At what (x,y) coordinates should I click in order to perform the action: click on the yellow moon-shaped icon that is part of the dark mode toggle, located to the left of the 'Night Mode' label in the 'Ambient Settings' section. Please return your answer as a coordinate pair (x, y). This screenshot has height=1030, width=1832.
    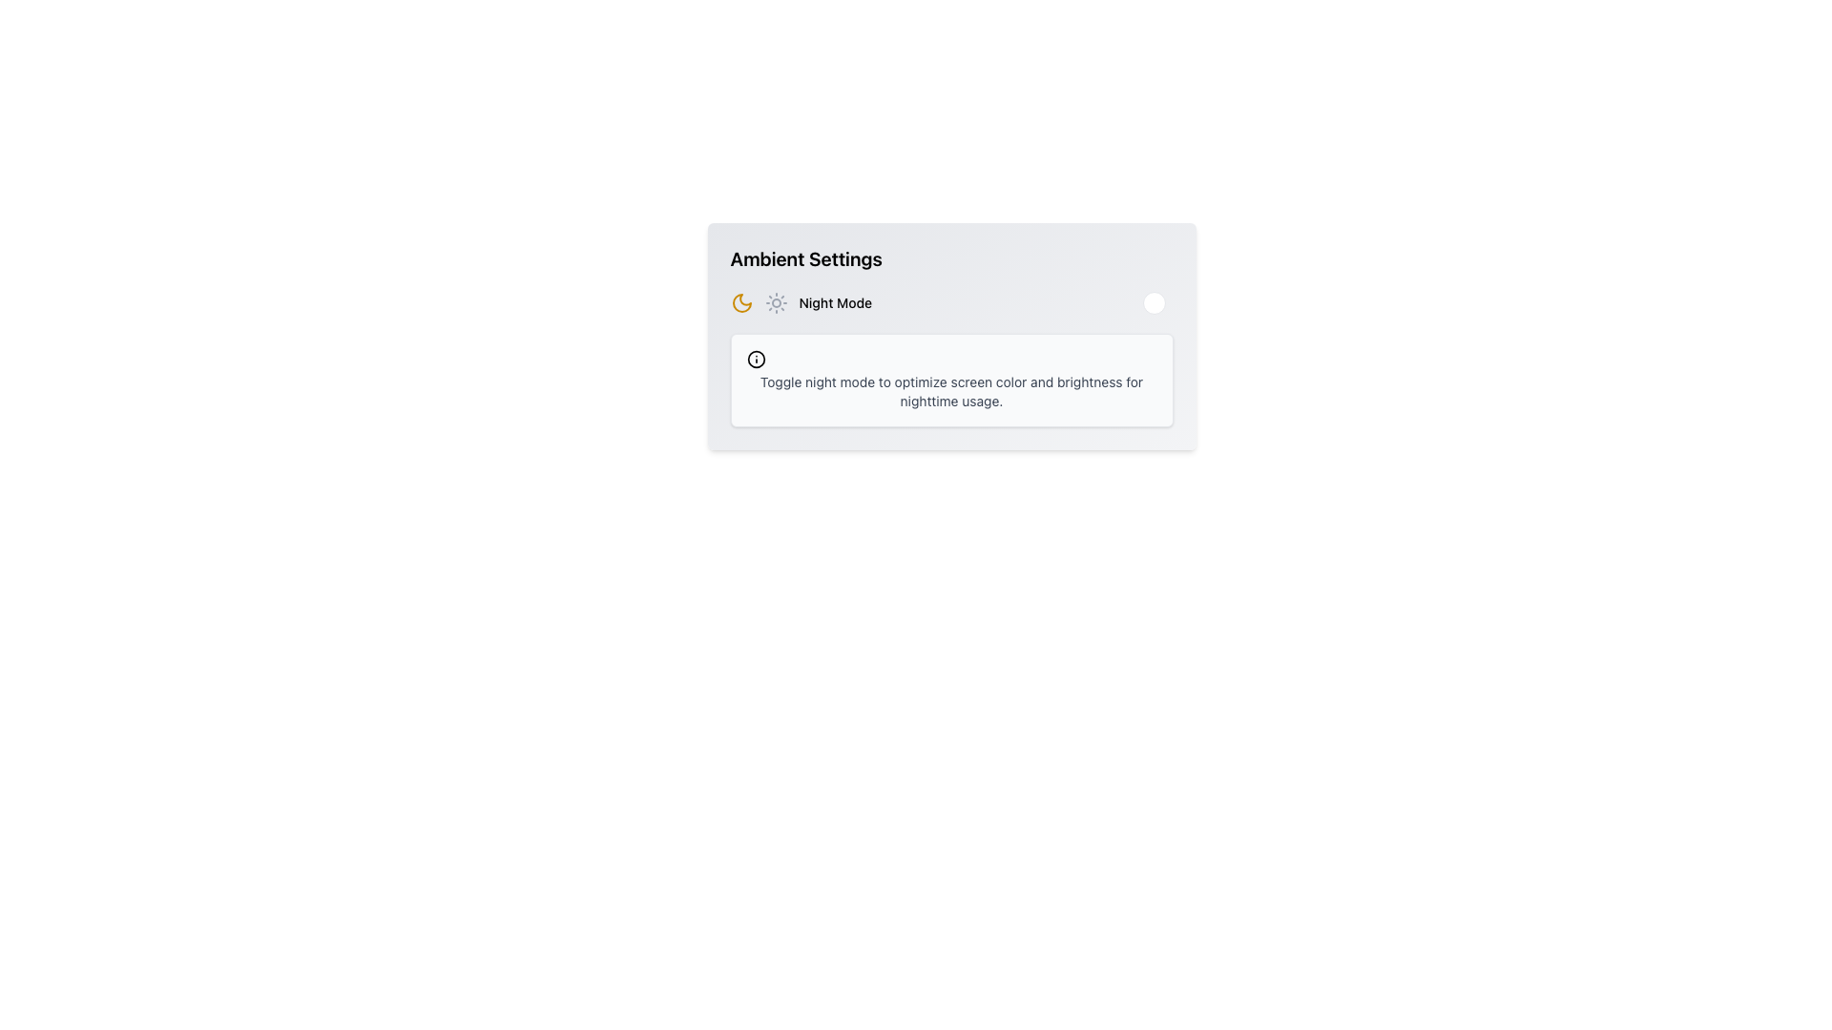
    Looking at the image, I should click on (740, 301).